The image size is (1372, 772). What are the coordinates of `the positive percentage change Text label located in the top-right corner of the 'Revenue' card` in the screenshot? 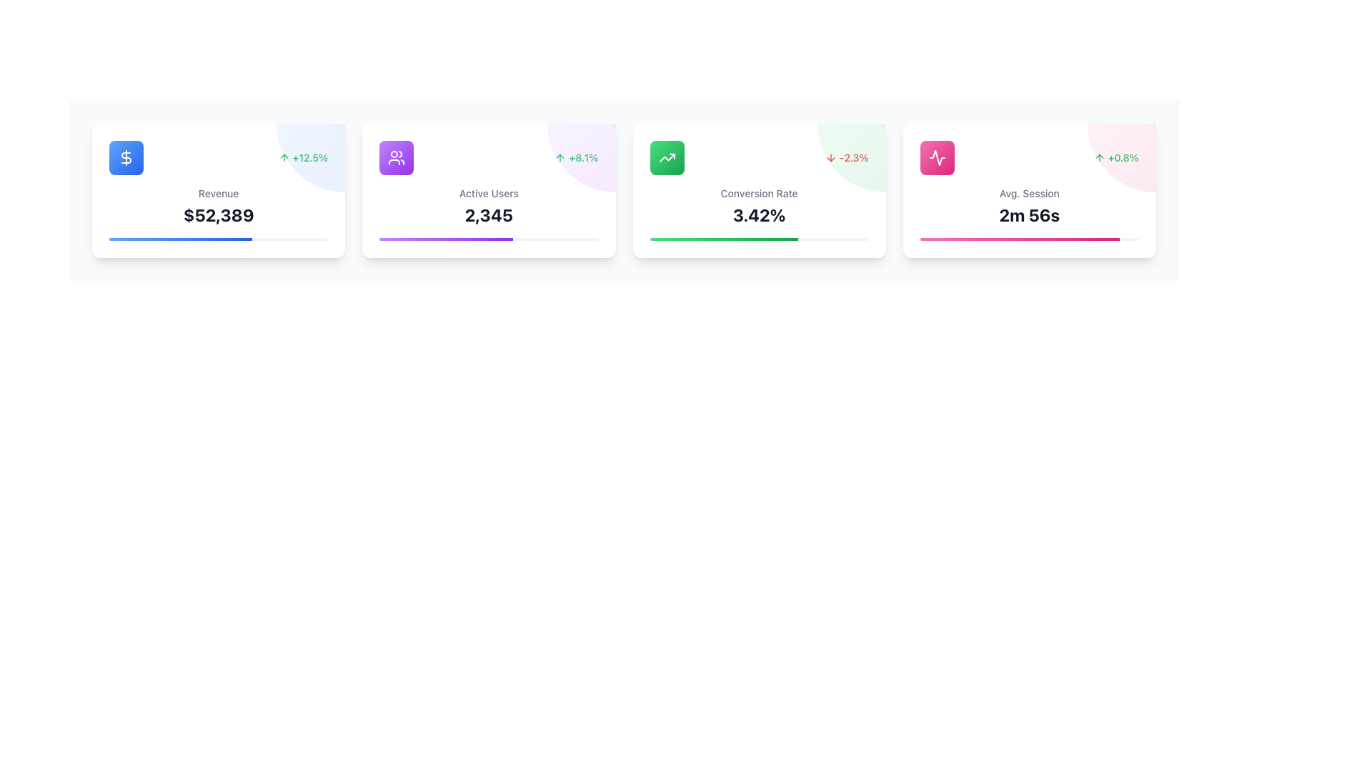 It's located at (309, 157).